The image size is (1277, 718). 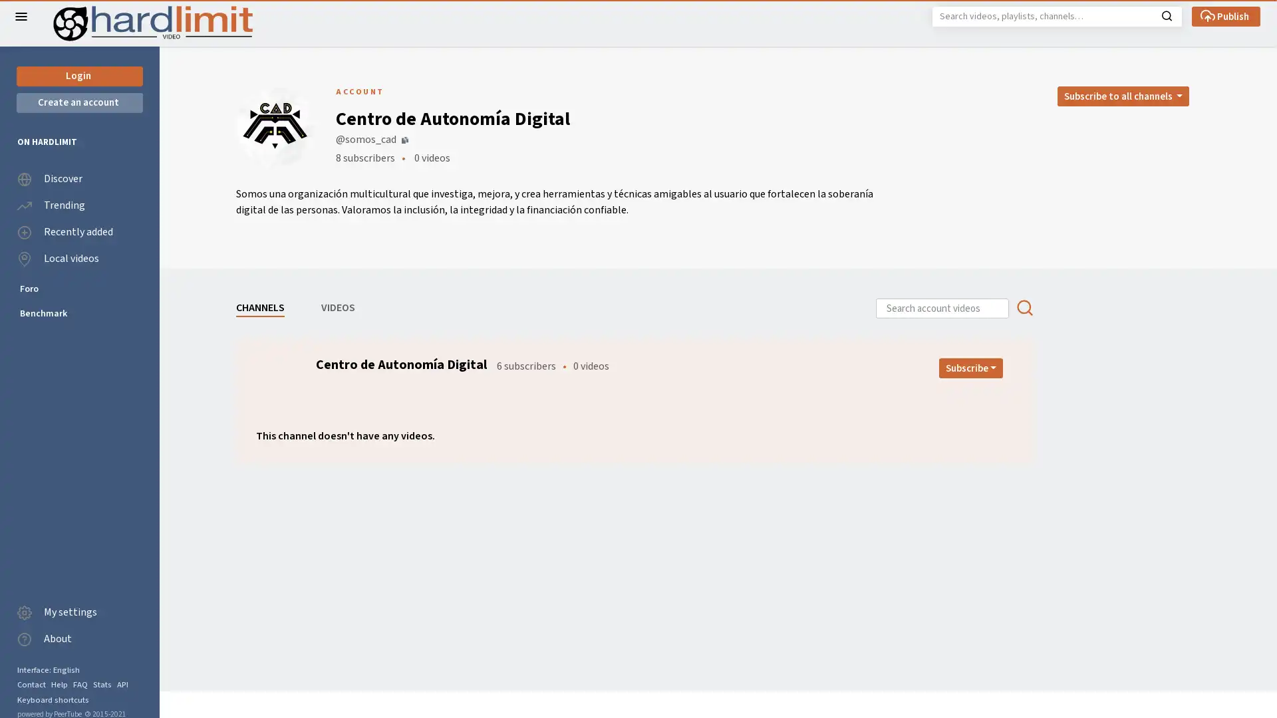 I want to click on Search, so click(x=1166, y=15).